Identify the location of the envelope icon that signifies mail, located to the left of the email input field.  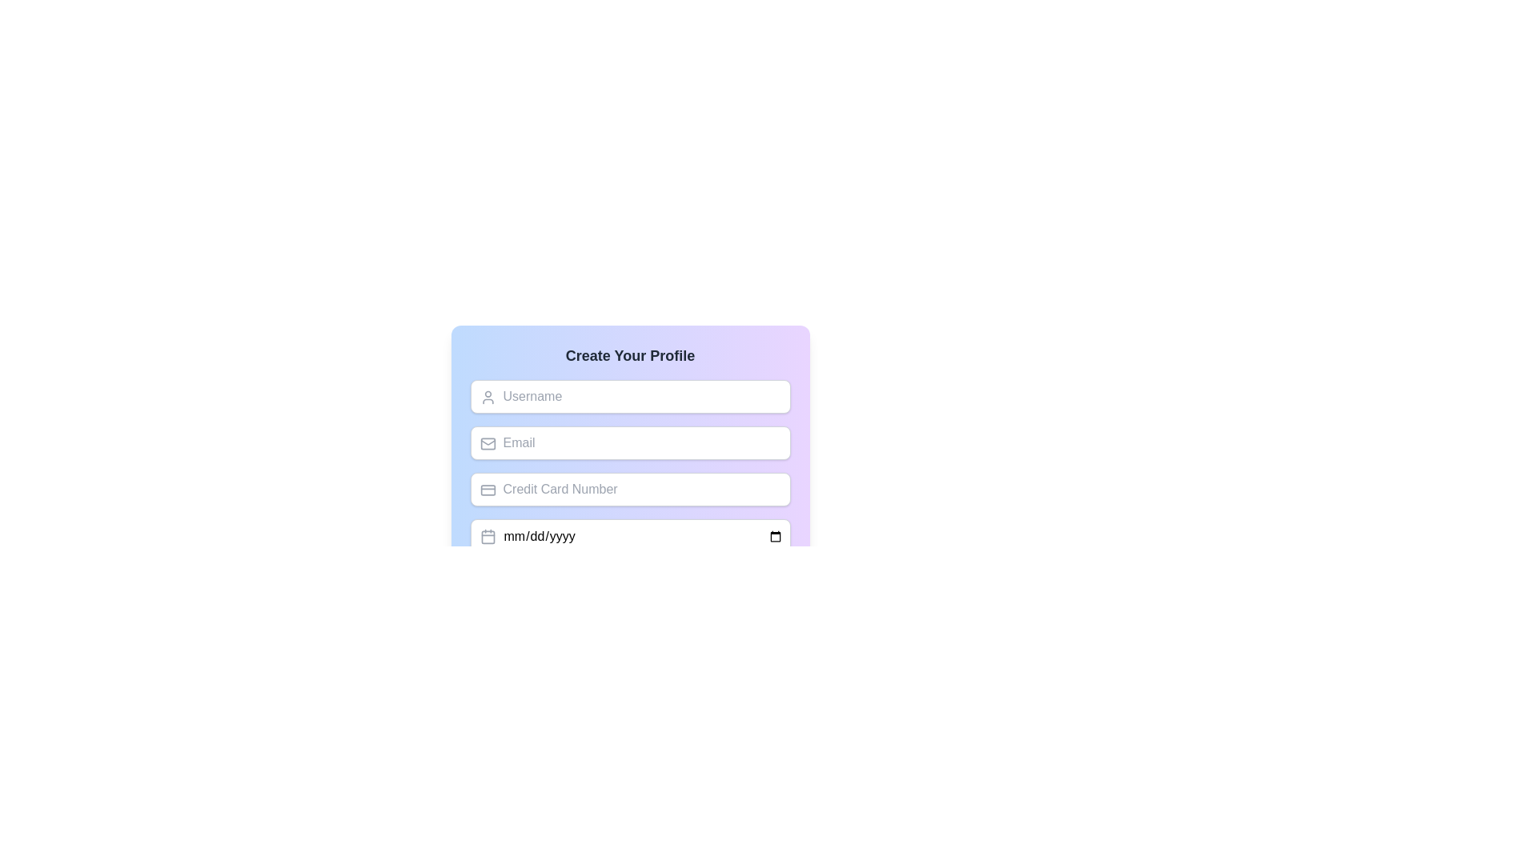
(487, 444).